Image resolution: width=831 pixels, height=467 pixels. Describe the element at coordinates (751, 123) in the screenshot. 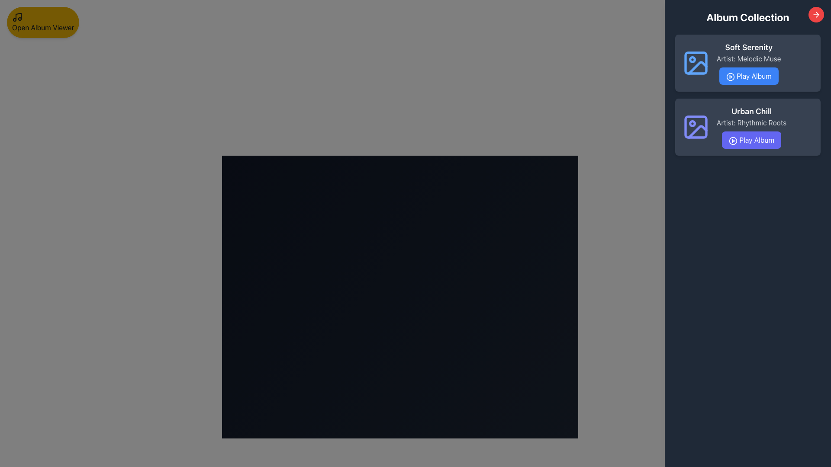

I see `the text label displaying 'Artist: Rhythmic Roots' located in the second album card titled 'Urban Chill' on the right pane of the UI, positioned below the 'Urban Chill' title and above the 'Play Album' button` at that location.